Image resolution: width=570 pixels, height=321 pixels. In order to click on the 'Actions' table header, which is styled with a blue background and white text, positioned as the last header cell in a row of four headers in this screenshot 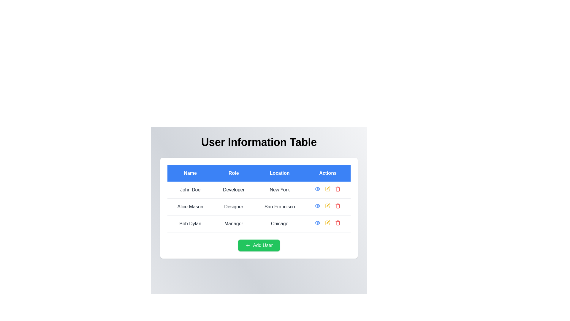, I will do `click(327, 173)`.